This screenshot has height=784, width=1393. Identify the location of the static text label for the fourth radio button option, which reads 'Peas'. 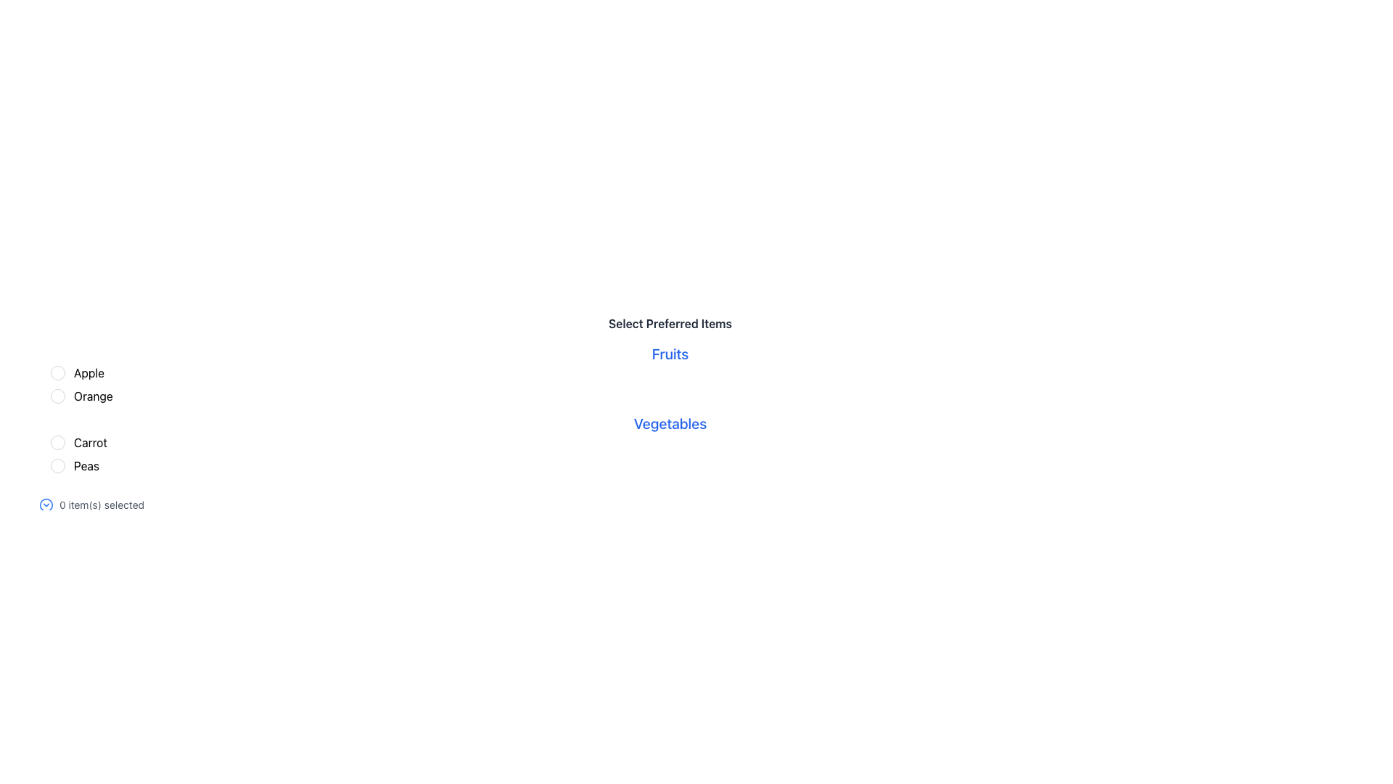
(86, 465).